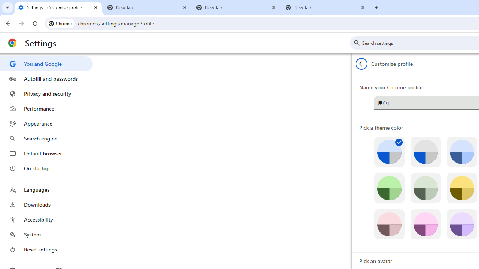 The image size is (479, 269). What do you see at coordinates (58, 7) in the screenshot?
I see `'Settings - Customize profile'` at bounding box center [58, 7].